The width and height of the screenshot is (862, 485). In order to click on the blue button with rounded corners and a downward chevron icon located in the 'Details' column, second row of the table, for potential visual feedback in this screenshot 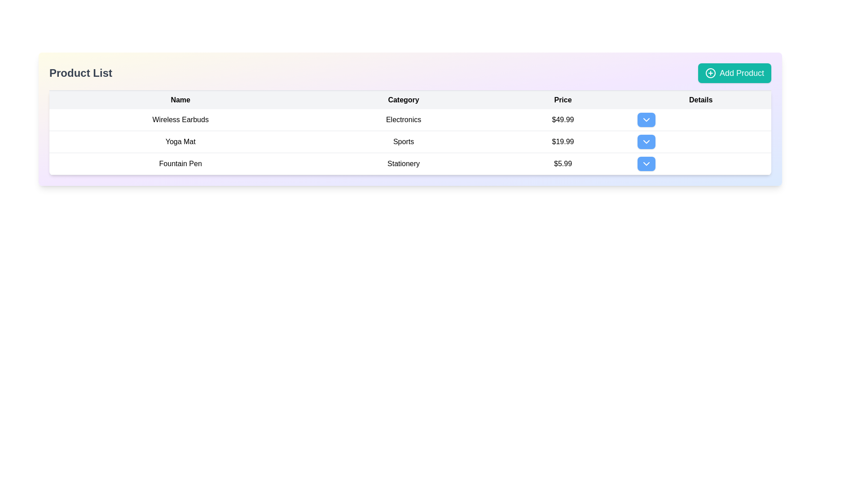, I will do `click(646, 141)`.